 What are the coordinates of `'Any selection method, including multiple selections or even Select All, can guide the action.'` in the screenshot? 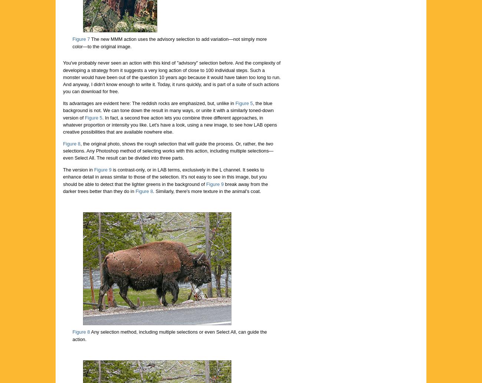 It's located at (72, 335).